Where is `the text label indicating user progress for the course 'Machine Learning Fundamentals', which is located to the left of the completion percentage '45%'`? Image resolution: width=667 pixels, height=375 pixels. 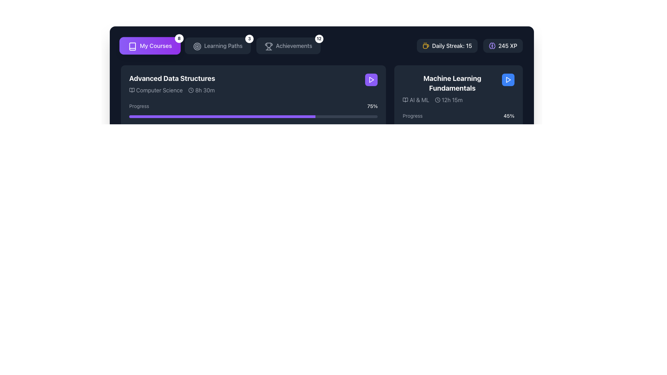
the text label indicating user progress for the course 'Machine Learning Fundamentals', which is located to the left of the completion percentage '45%' is located at coordinates (412, 116).